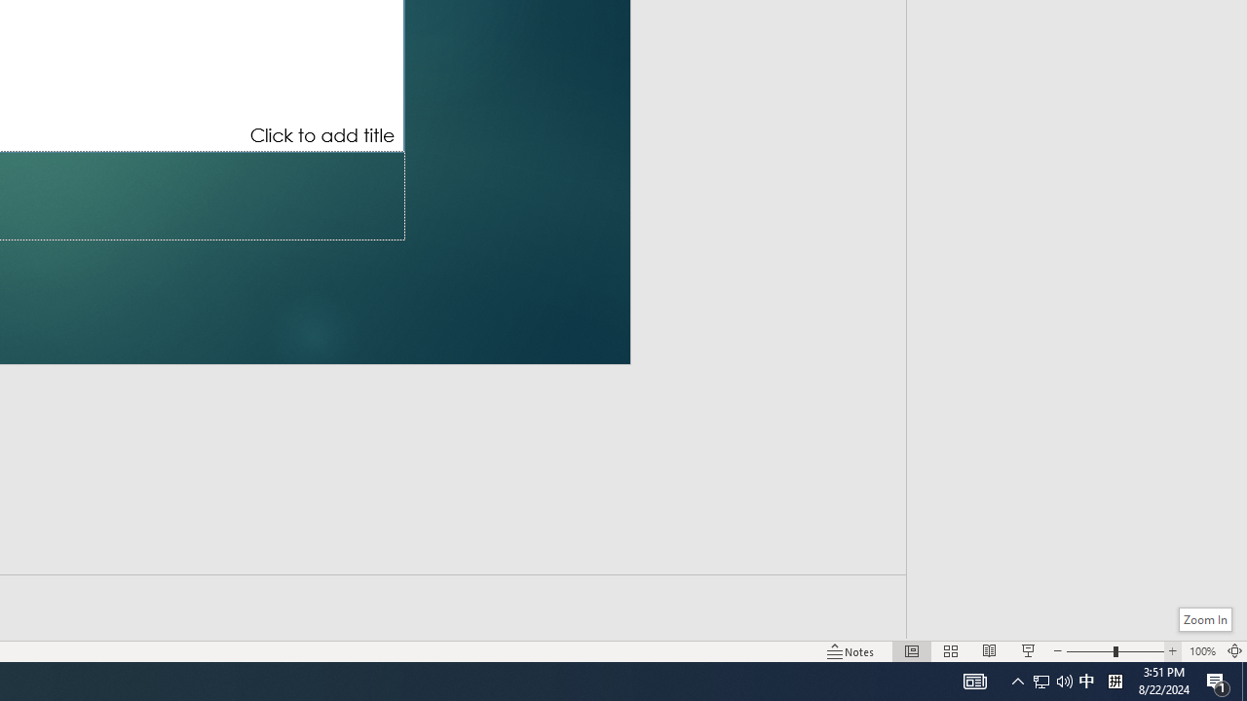  What do you see at coordinates (851, 651) in the screenshot?
I see `'Notes '` at bounding box center [851, 651].